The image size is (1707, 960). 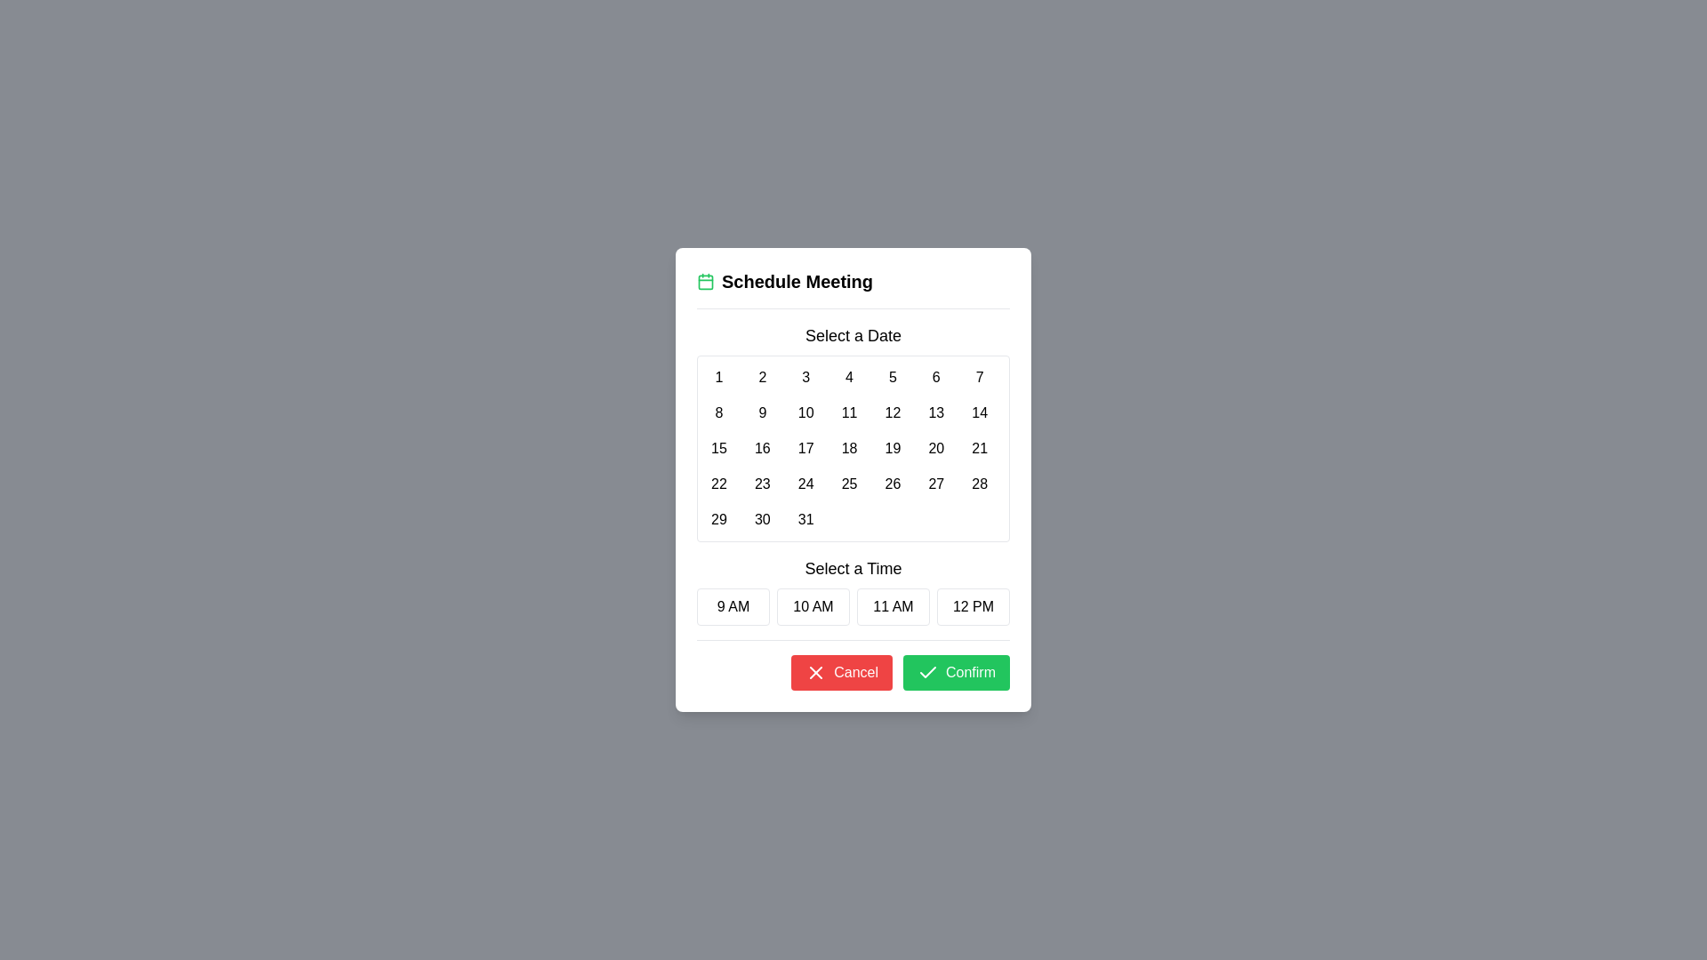 I want to click on the button displaying '17' in the third column of the third row of the calendar grid, so click(x=805, y=448).